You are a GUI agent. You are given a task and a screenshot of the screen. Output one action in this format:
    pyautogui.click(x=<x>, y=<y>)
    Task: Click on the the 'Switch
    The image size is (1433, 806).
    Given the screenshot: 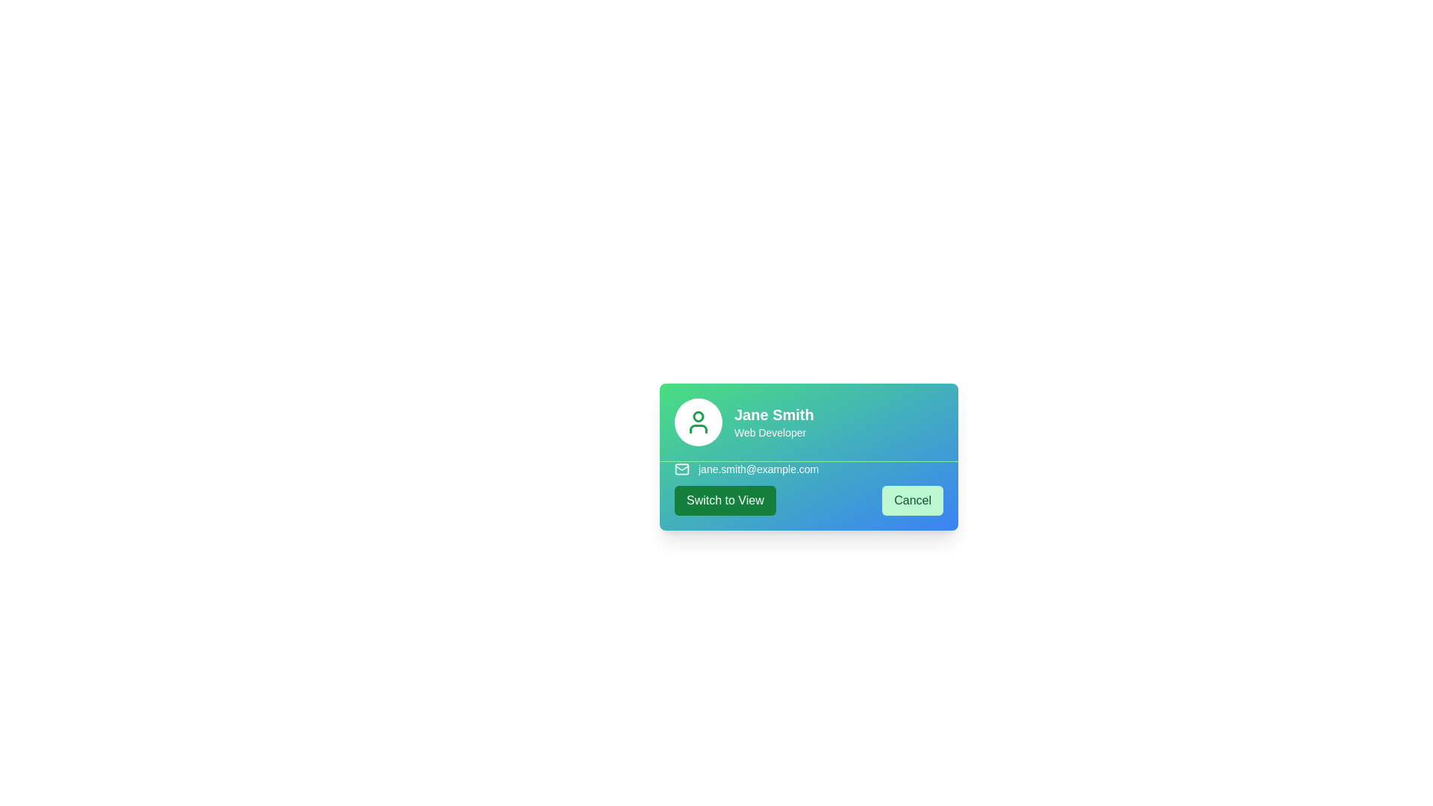 What is the action you would take?
    pyautogui.click(x=725, y=501)
    